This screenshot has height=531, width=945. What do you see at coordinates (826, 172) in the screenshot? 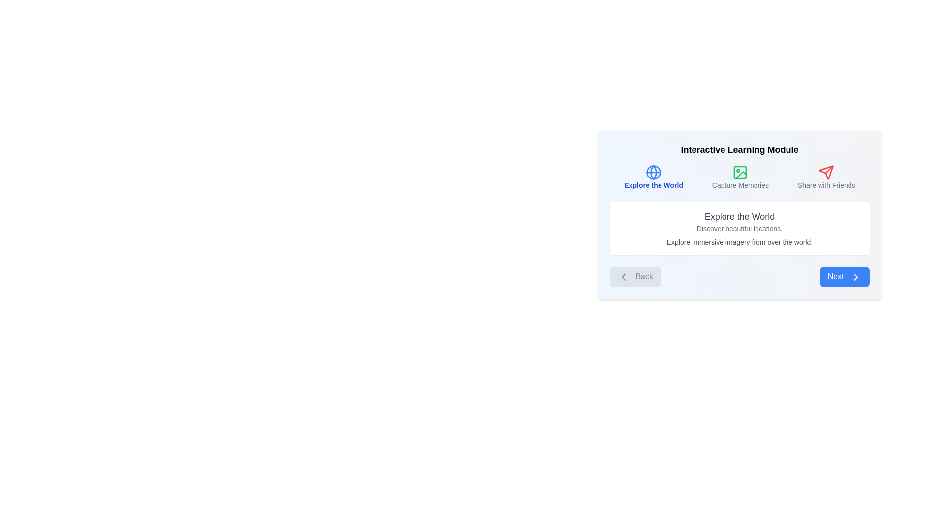
I see `the share icon, which is the rightmost icon above the label 'Share with Friends'` at bounding box center [826, 172].